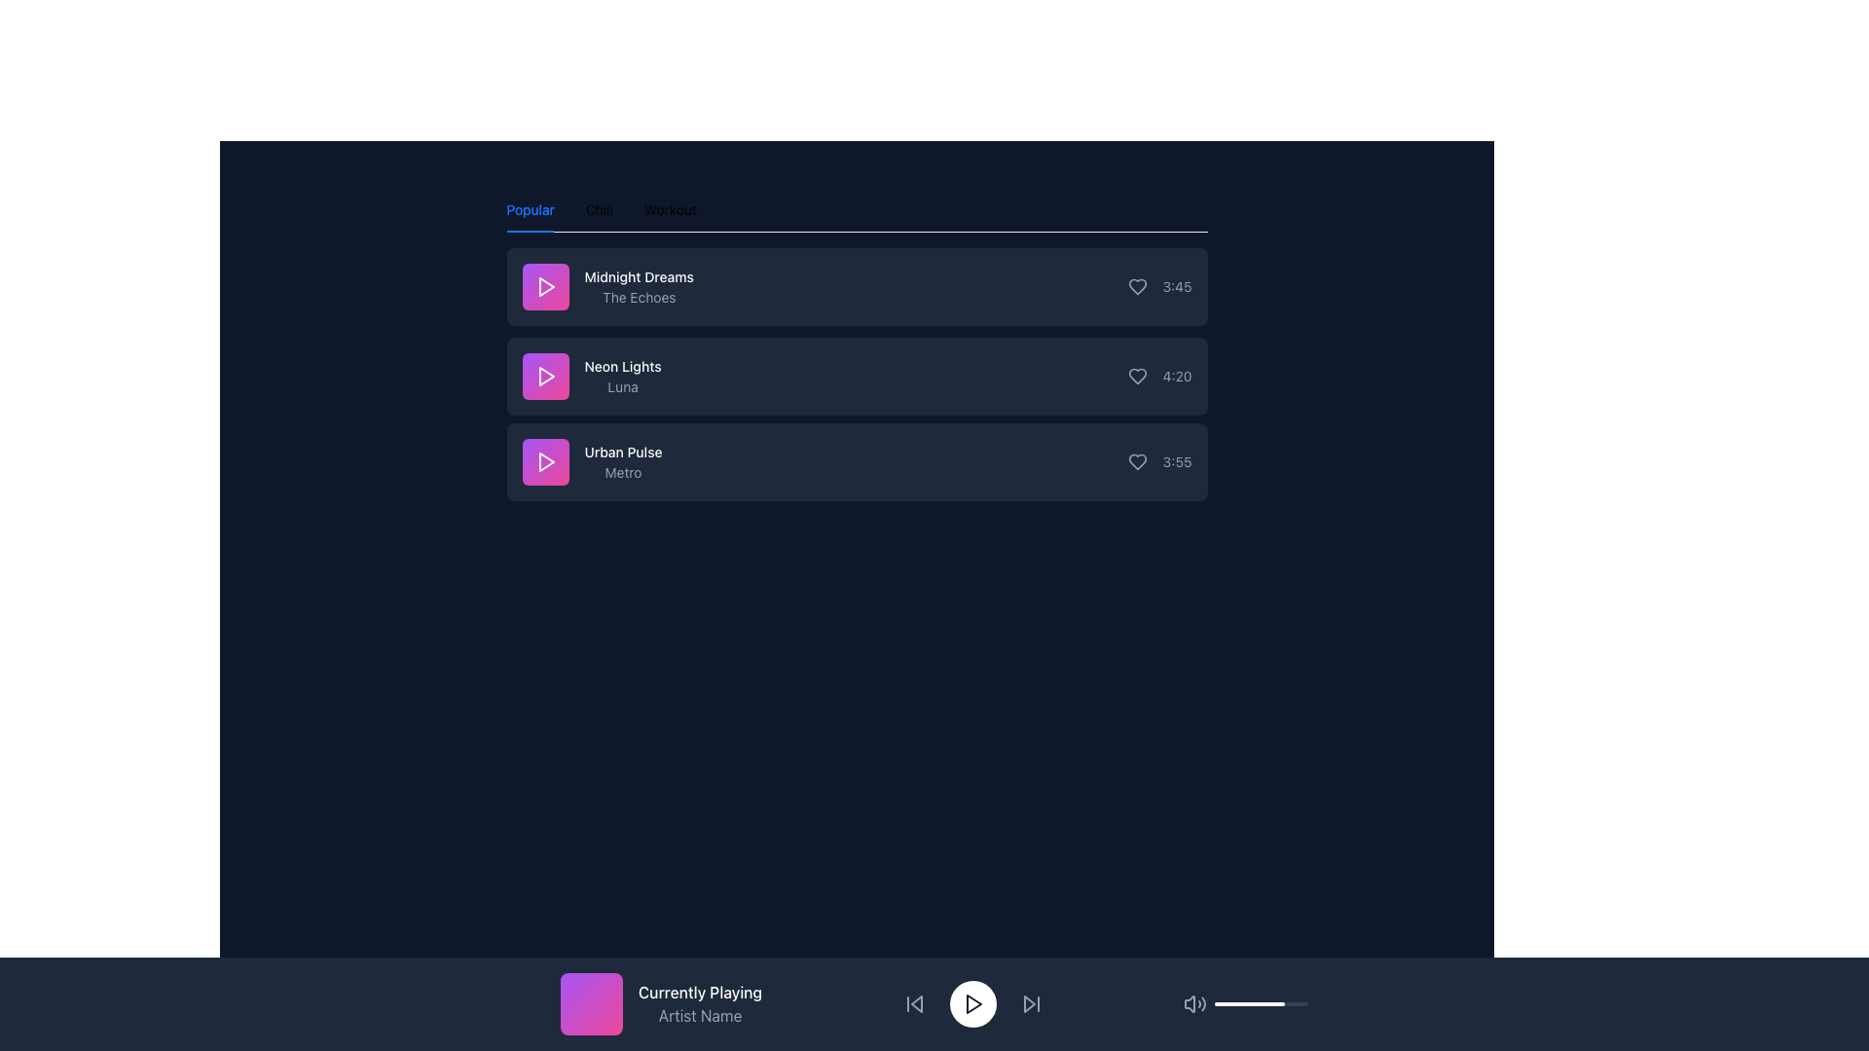  What do you see at coordinates (639, 297) in the screenshot?
I see `the text label displaying 'The Echoes', which is styled in a small font size and light gray color, positioned beneath 'Midnight Dreams' in the first item of the 'Popular' list category` at bounding box center [639, 297].